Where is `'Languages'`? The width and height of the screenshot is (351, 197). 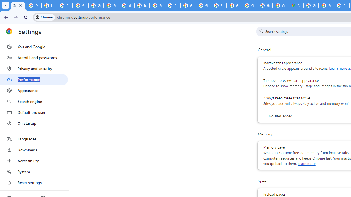 'Languages' is located at coordinates (34, 138).